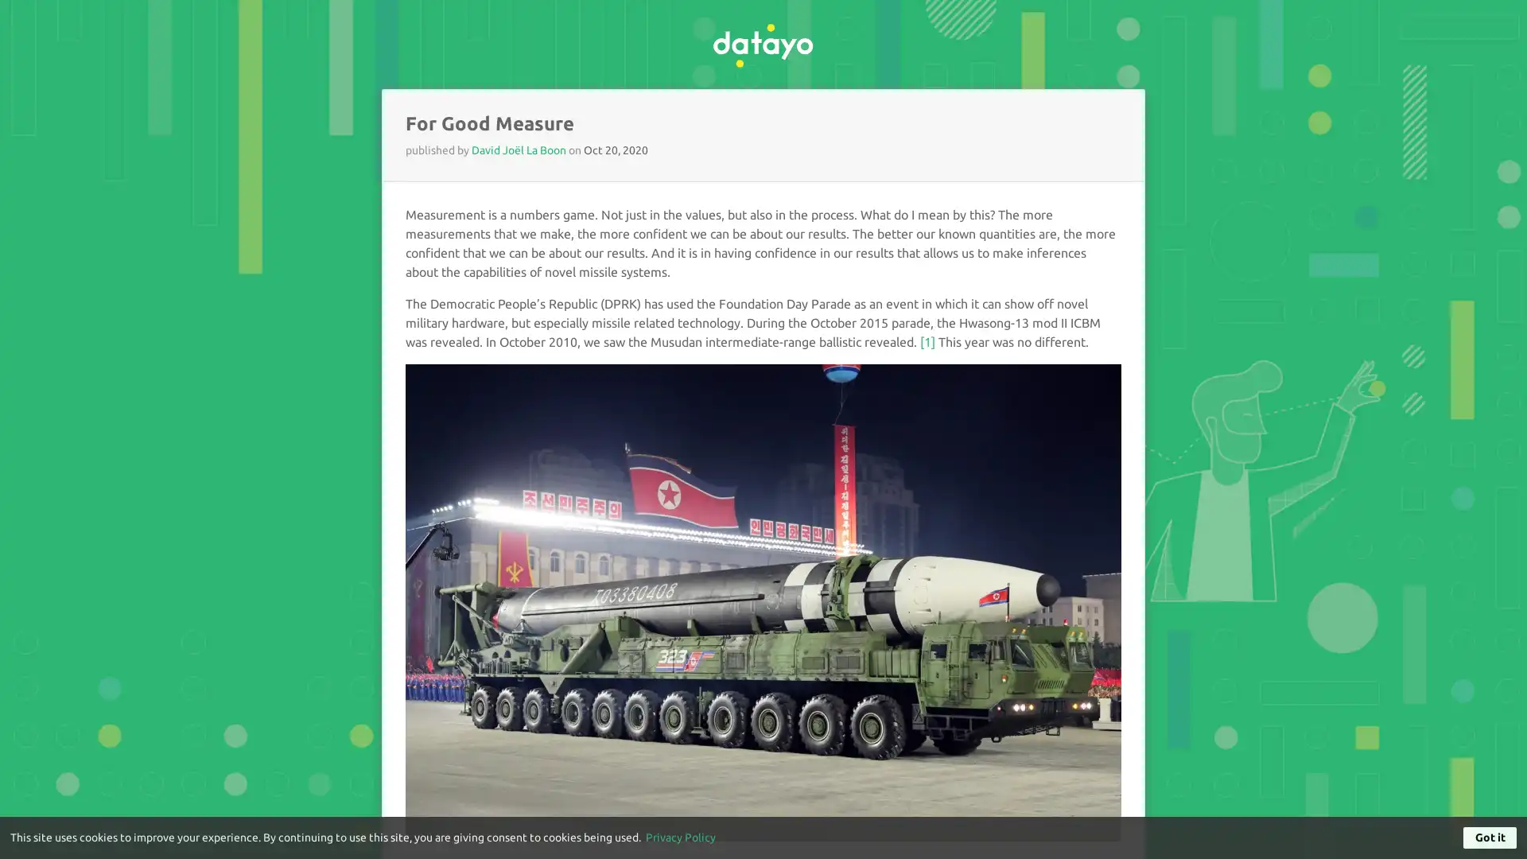 The image size is (1527, 859). Describe the element at coordinates (1489, 837) in the screenshot. I see `Got it` at that location.